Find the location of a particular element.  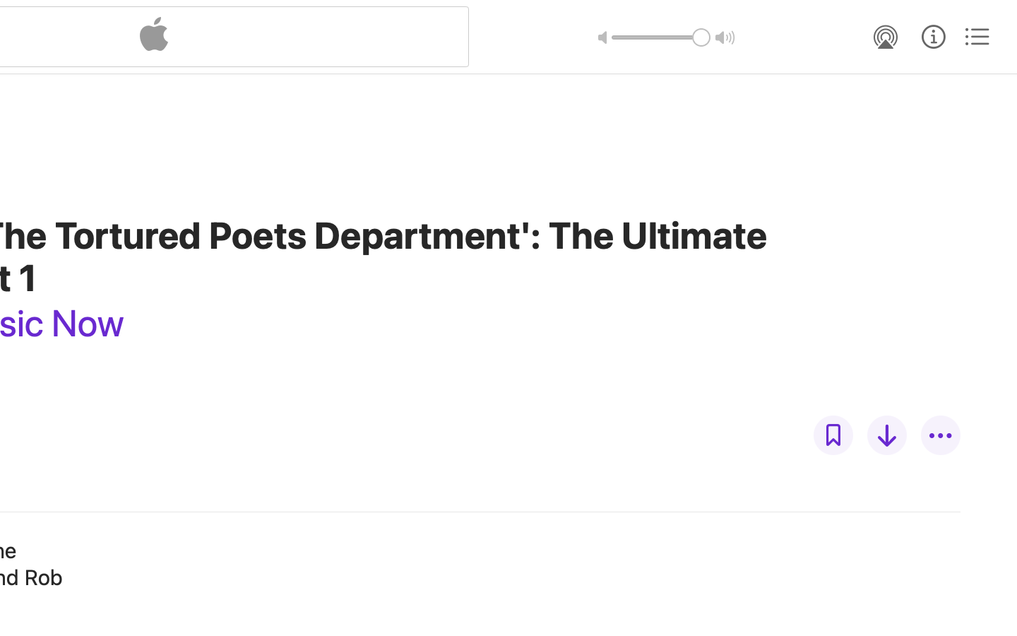

'1.0' is located at coordinates (661, 37).